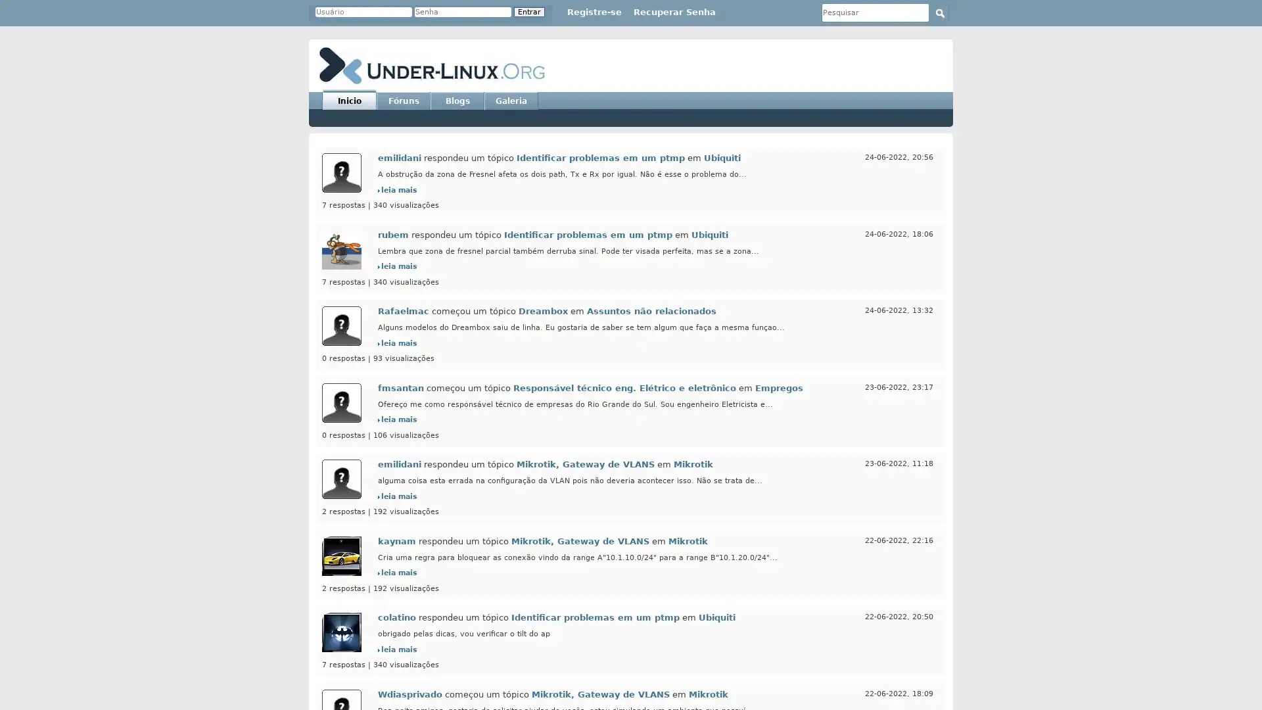  What do you see at coordinates (529, 12) in the screenshot?
I see `Entrar` at bounding box center [529, 12].